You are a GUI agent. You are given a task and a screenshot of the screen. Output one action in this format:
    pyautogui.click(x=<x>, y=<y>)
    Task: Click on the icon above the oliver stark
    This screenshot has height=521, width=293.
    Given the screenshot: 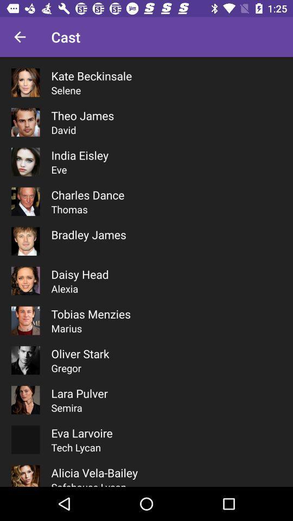 What is the action you would take?
    pyautogui.click(x=66, y=328)
    